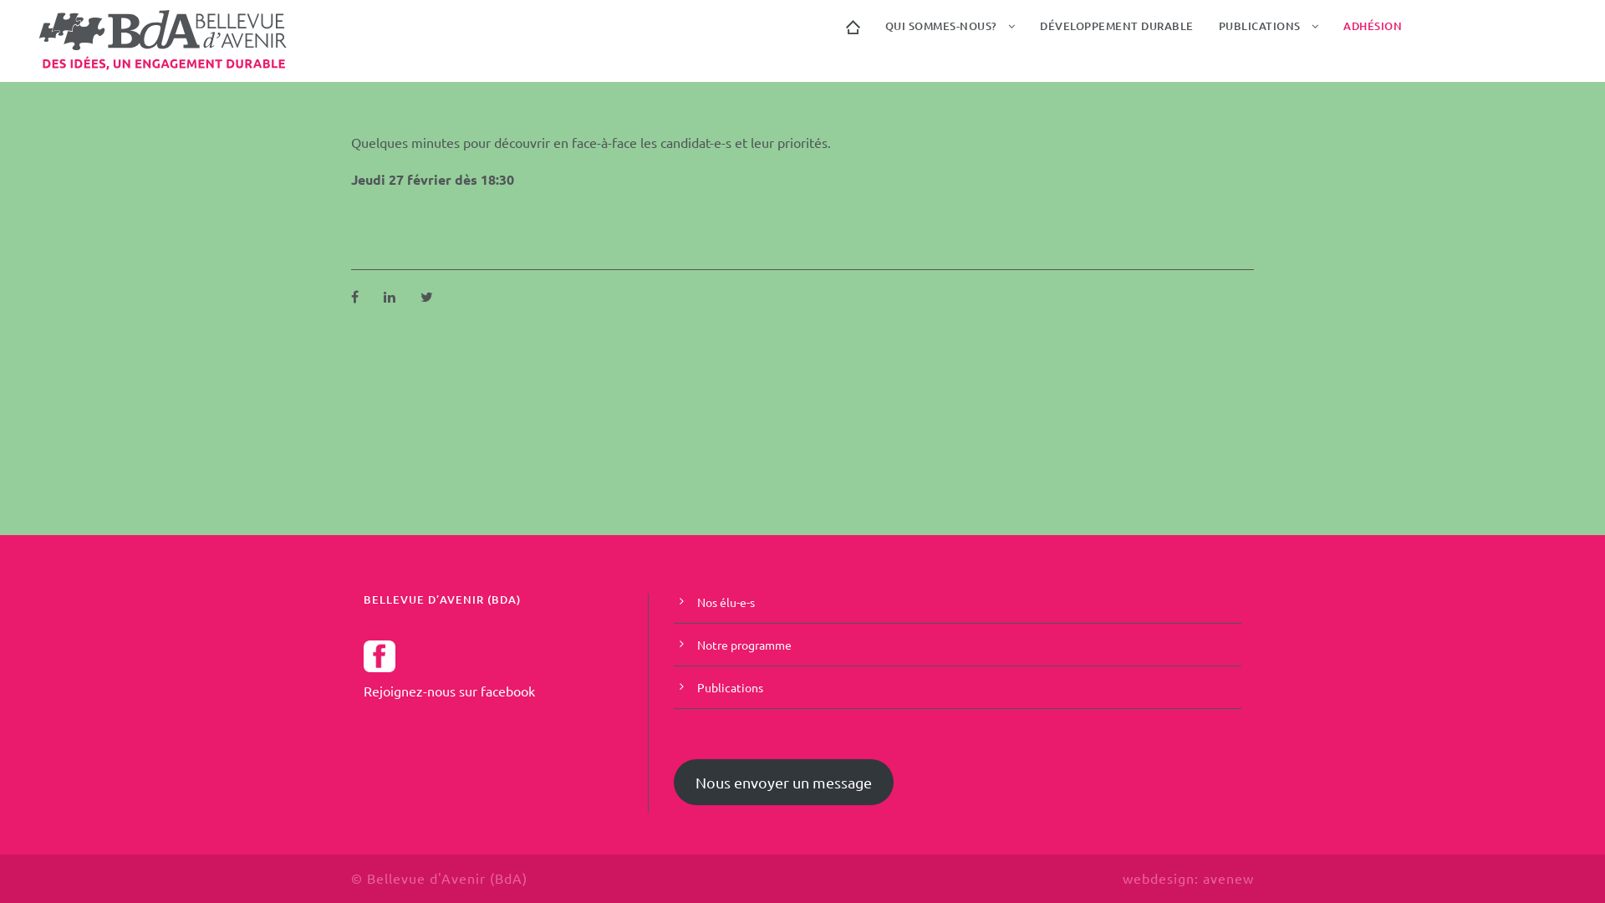 Image resolution: width=1605 pixels, height=903 pixels. Describe the element at coordinates (883, 34) in the screenshot. I see `'QUI SOMMES-NOUS?'` at that location.